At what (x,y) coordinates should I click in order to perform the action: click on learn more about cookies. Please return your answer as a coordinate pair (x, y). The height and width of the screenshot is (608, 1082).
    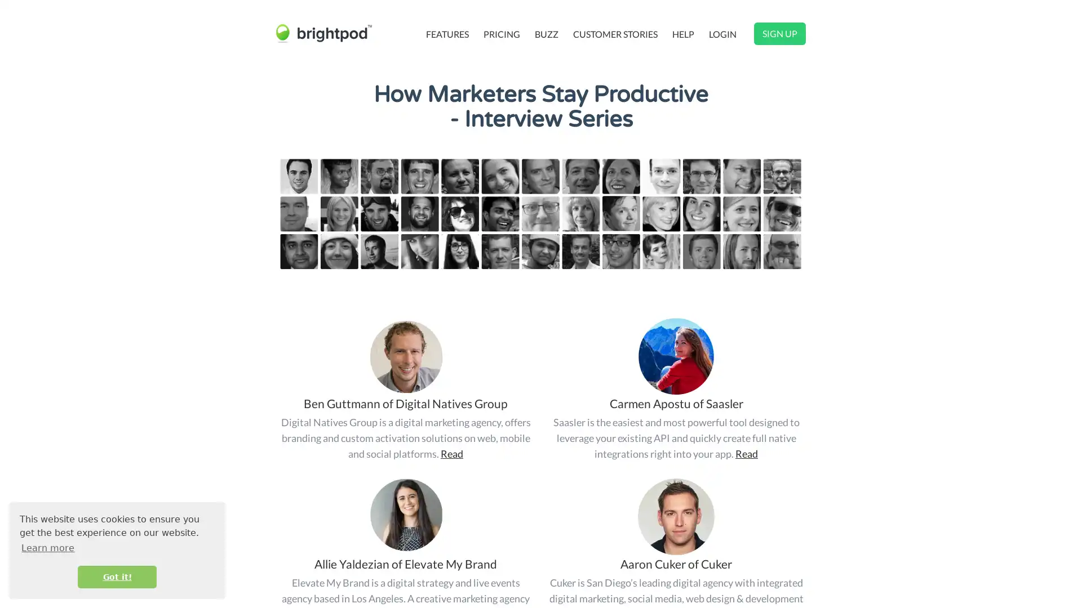
    Looking at the image, I should click on (47, 547).